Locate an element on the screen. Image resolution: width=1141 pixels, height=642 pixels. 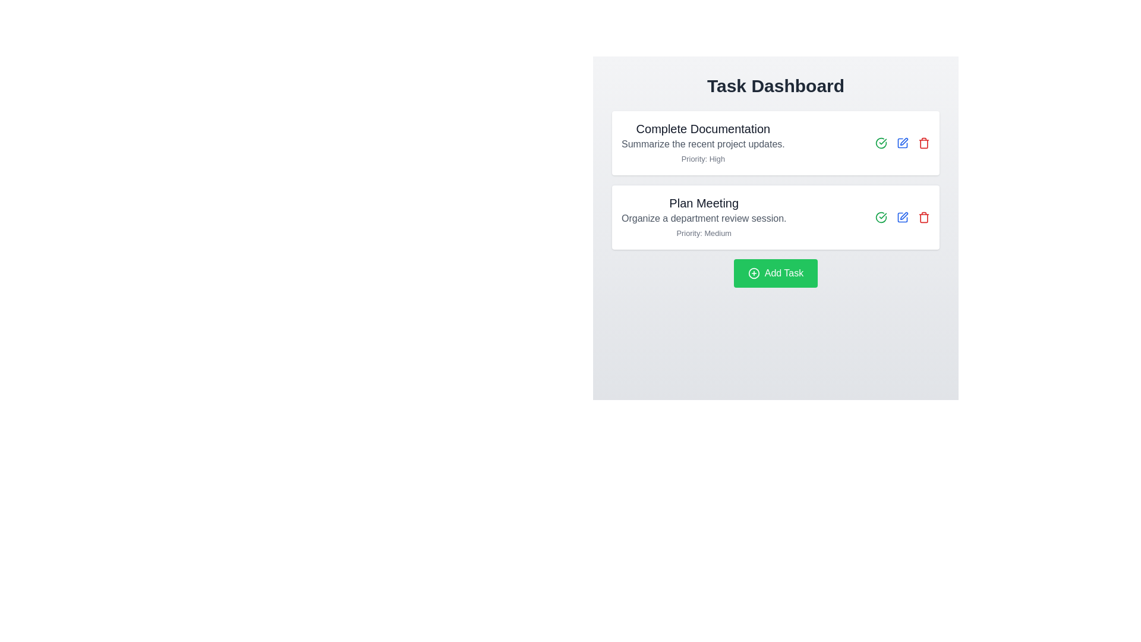
the edit button icon located to the right of the green checkmark and left of the red trashcan for the task 'Plan Meeting' is located at coordinates (902, 218).